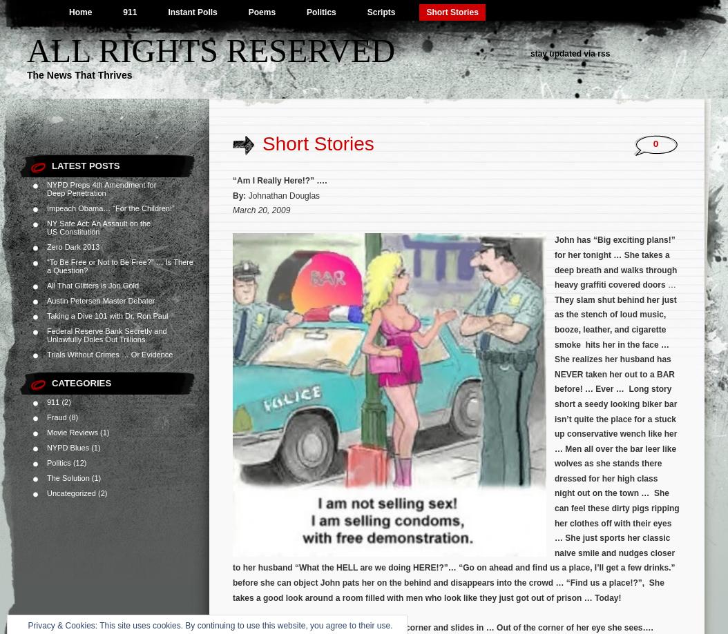  What do you see at coordinates (100, 300) in the screenshot?
I see `'Austin Petersen Master Debater'` at bounding box center [100, 300].